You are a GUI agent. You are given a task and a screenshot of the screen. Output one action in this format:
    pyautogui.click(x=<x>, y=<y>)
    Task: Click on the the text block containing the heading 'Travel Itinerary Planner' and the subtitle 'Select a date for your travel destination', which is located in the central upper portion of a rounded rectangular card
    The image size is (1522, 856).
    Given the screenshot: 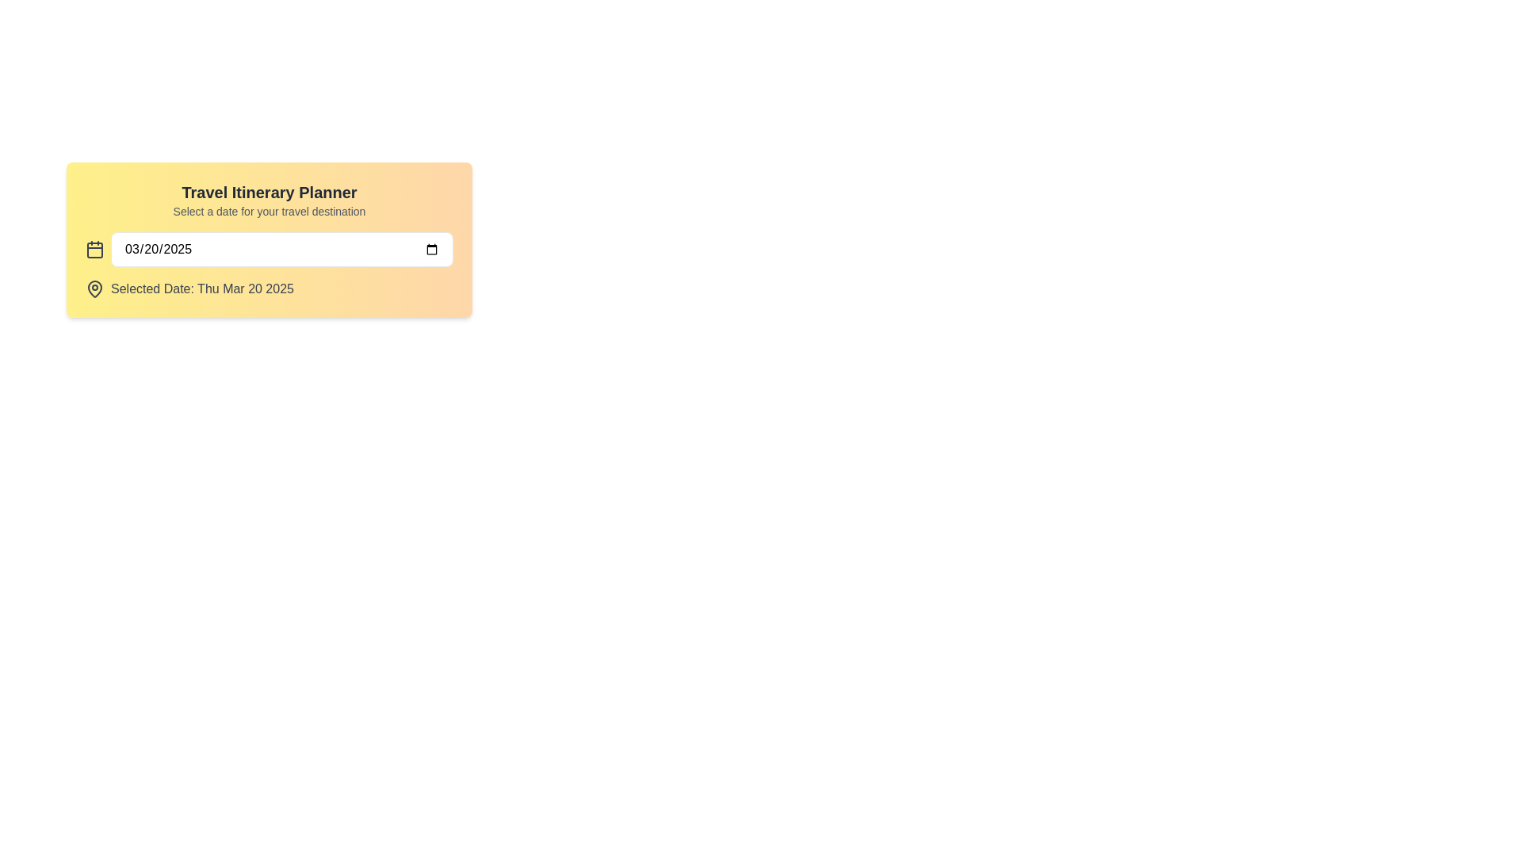 What is the action you would take?
    pyautogui.click(x=270, y=200)
    